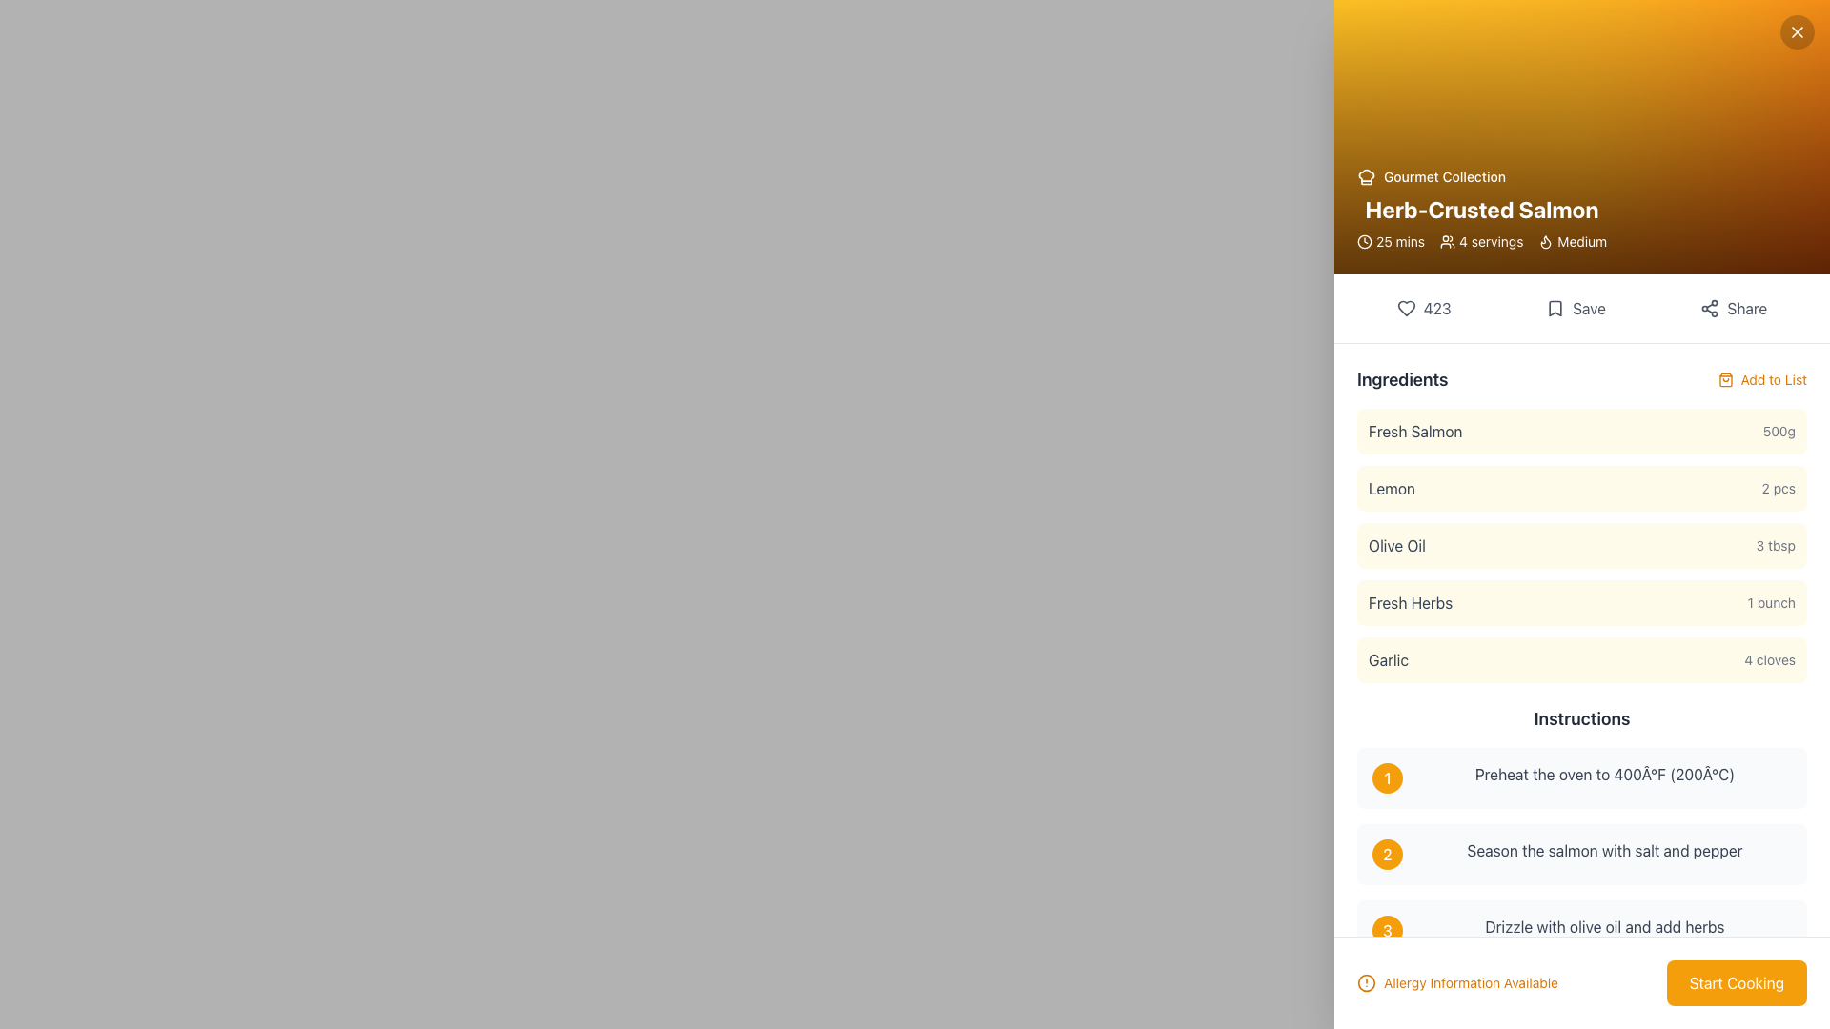 This screenshot has width=1830, height=1029. What do you see at coordinates (1604, 778) in the screenshot?
I see `text in the first instruction of the cooking recipe located in the 'Instructions' section, to the right of the yellow circular icon marked with the number '1'` at bounding box center [1604, 778].